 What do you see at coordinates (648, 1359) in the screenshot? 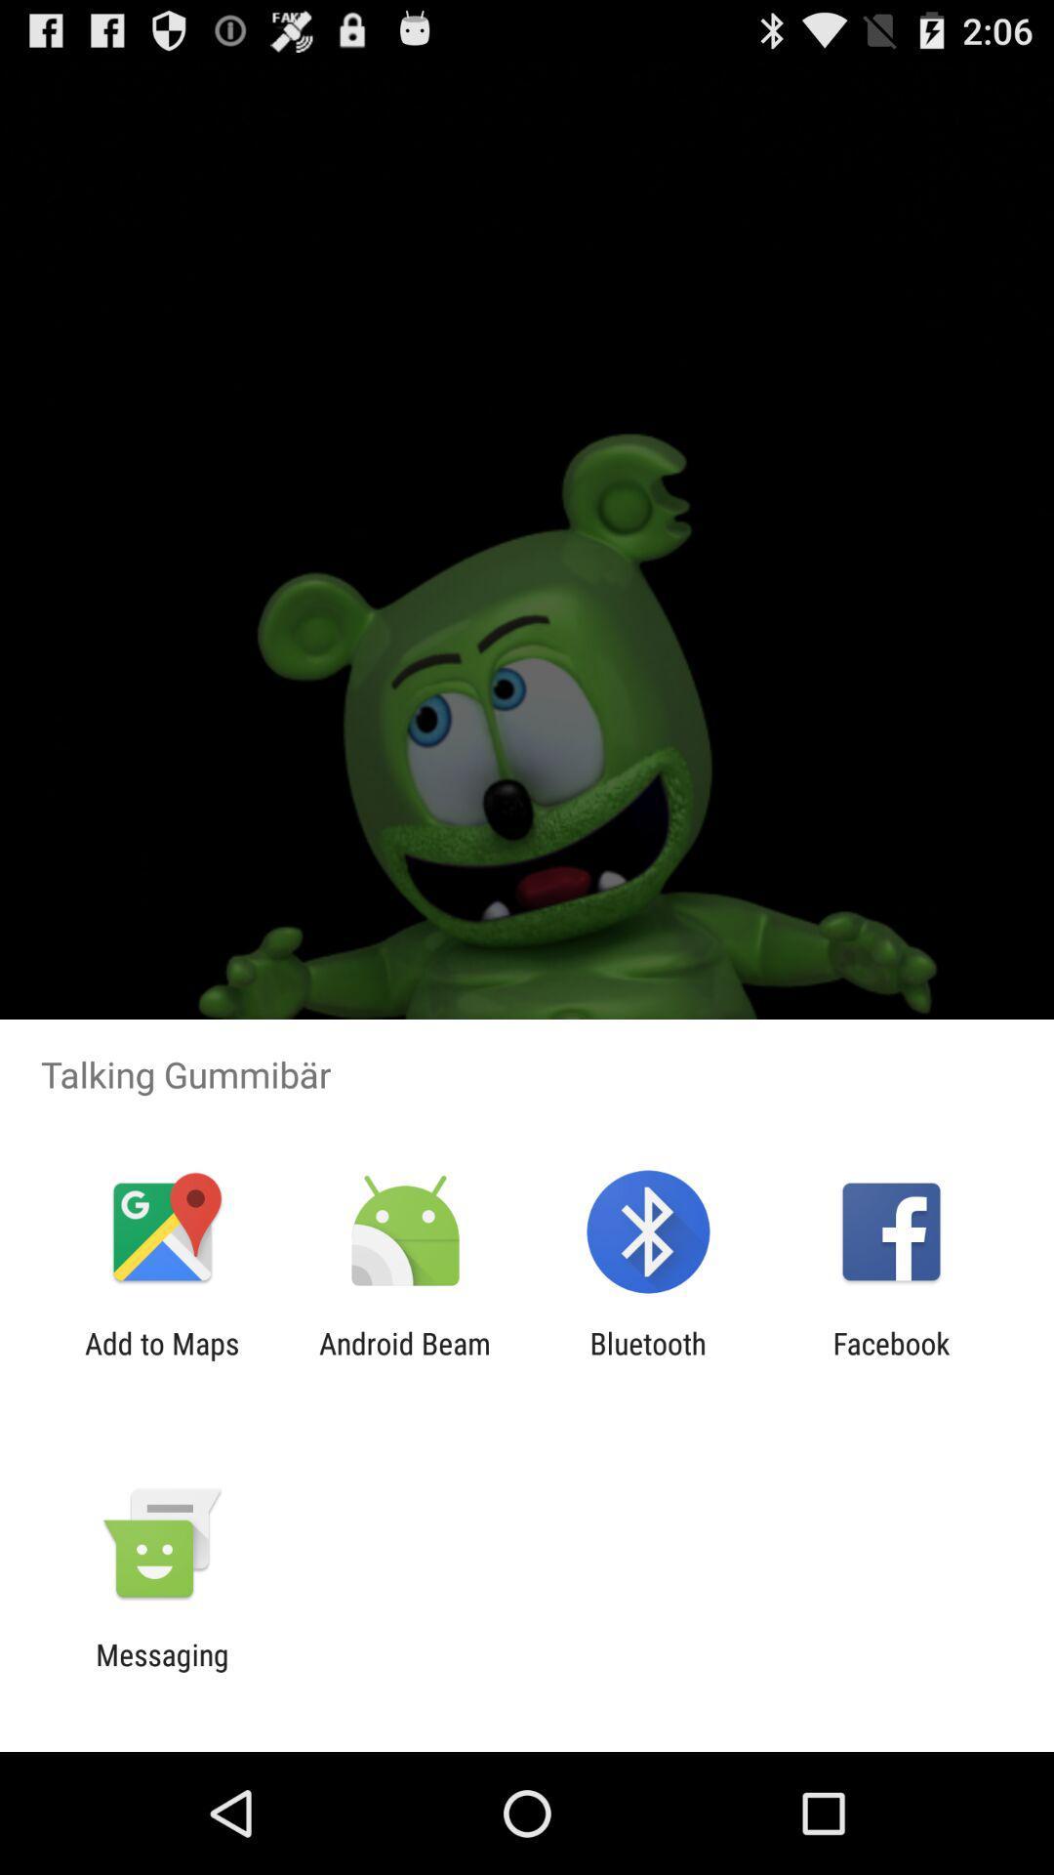
I see `icon next to the android beam app` at bounding box center [648, 1359].